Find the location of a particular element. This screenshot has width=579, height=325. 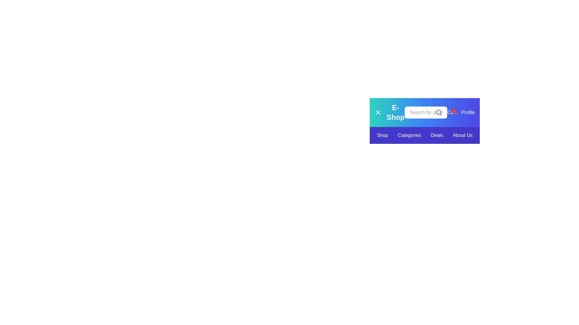

the magnifying glass icon located inside the text input box on the header bar to initiate a search is located at coordinates (439, 113).